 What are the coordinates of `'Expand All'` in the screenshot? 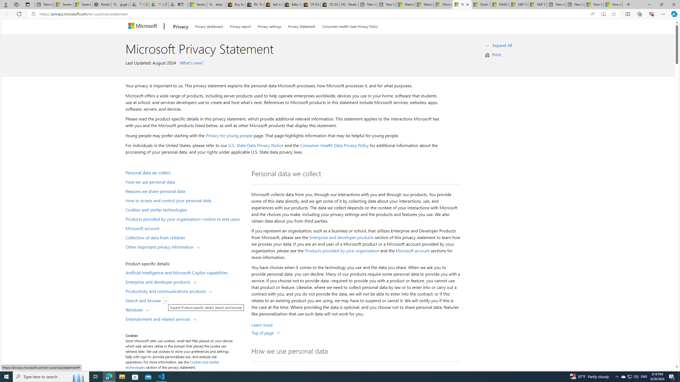 It's located at (502, 45).